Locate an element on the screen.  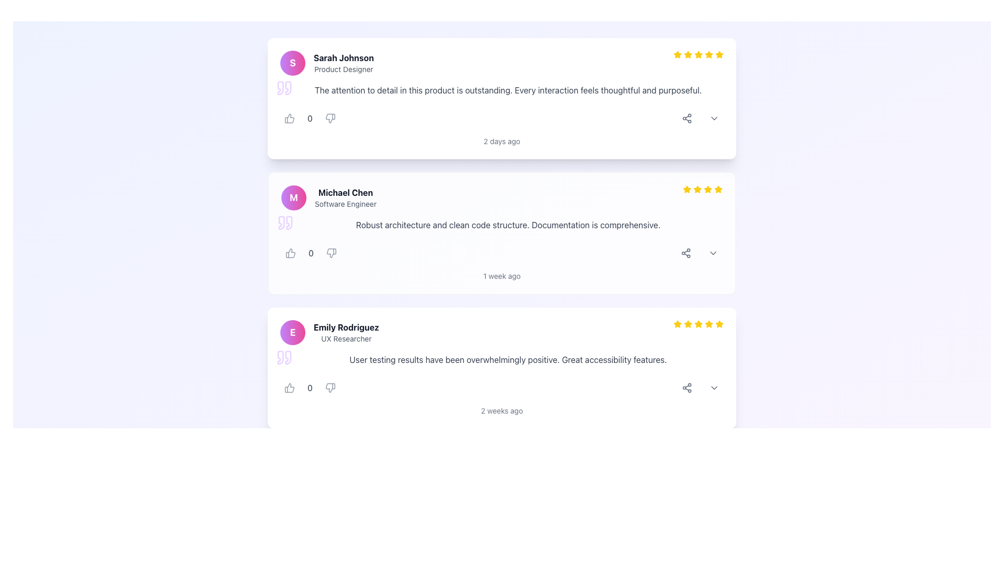
the fourth star-shaped icon in the product review section, which is yellow with a black outline is located at coordinates (708, 189).